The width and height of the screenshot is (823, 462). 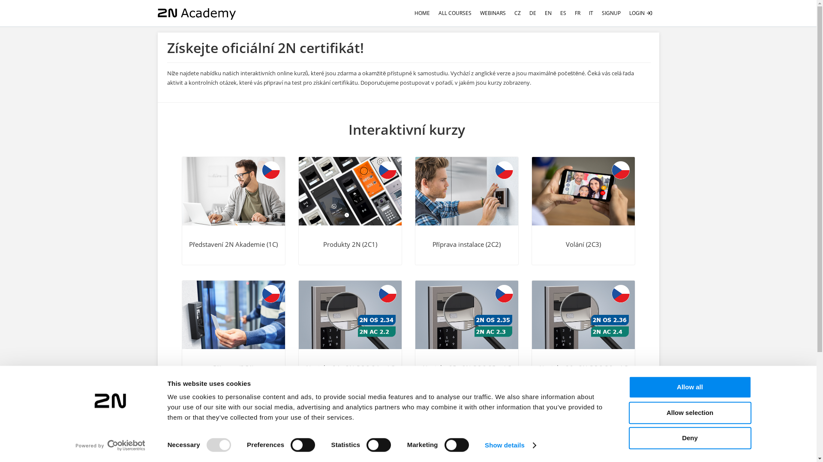 What do you see at coordinates (466, 315) in the screenshot?
I see `'Novinky 05 - 2N OS 2.35 a AC 2.3 (3C2)'` at bounding box center [466, 315].